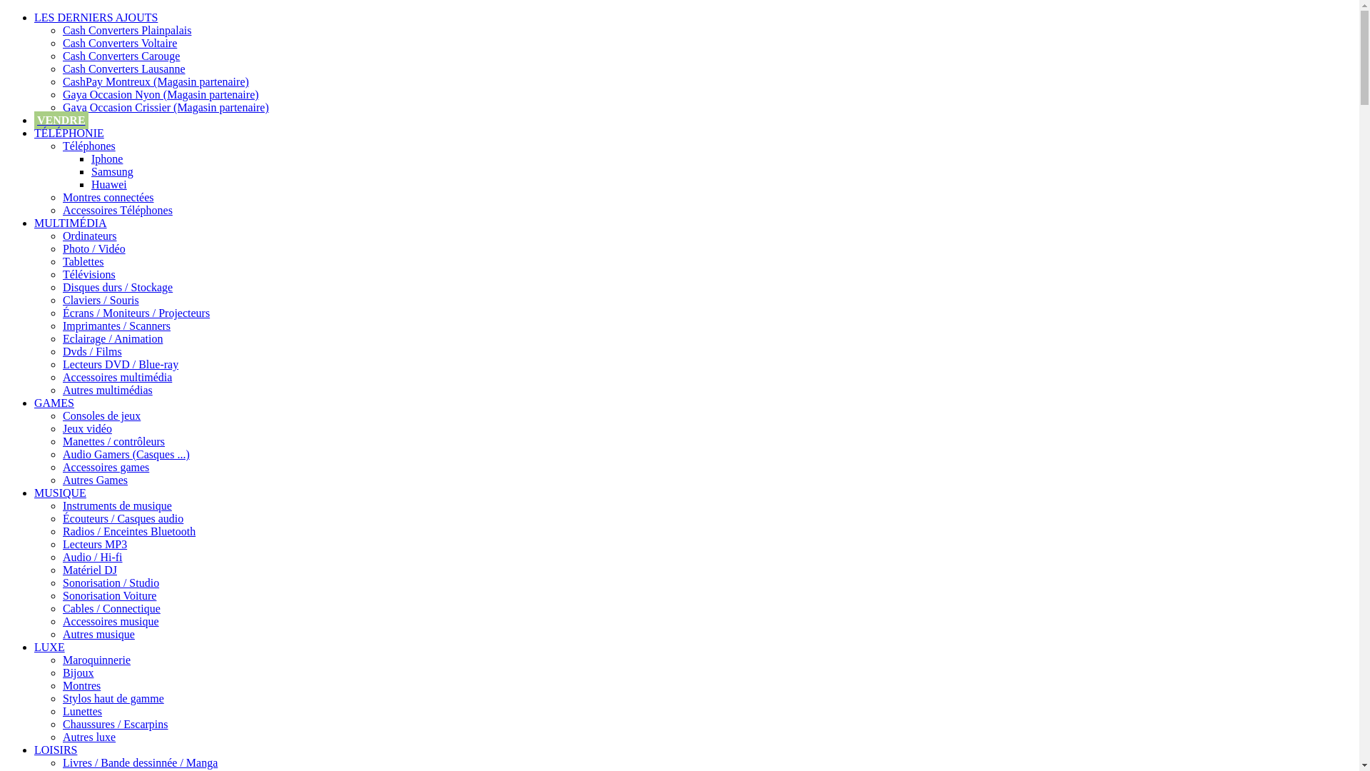  What do you see at coordinates (126, 30) in the screenshot?
I see `'Cash Converters Plainpalais'` at bounding box center [126, 30].